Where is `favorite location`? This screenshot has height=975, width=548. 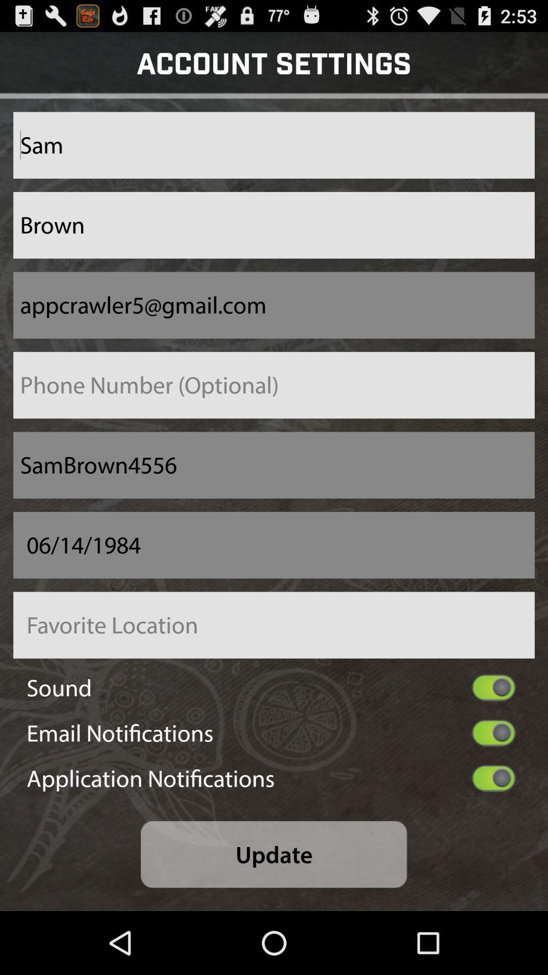
favorite location is located at coordinates (274, 625).